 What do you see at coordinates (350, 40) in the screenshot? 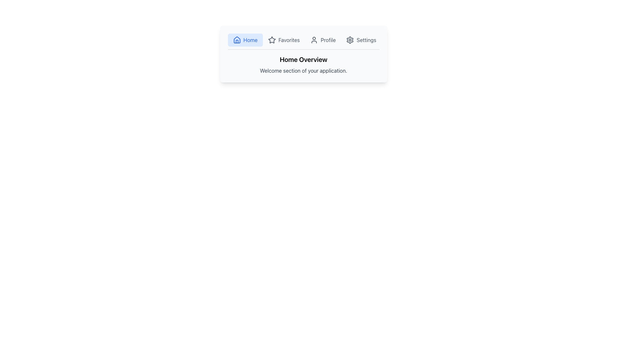
I see `the settings icon in the horizontal menu bar` at bounding box center [350, 40].